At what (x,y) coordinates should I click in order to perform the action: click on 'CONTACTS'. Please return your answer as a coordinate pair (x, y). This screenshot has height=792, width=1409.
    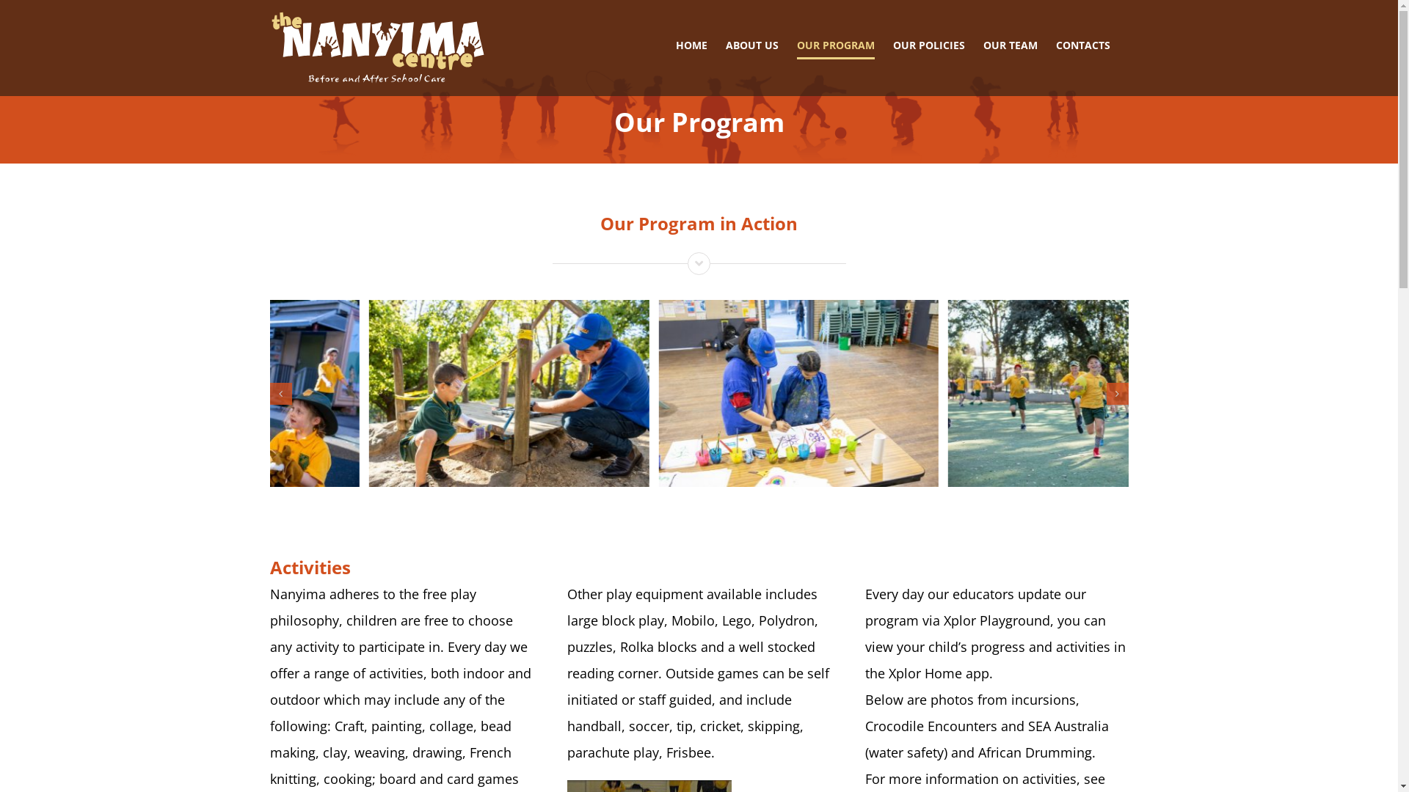
    Looking at the image, I should click on (1082, 44).